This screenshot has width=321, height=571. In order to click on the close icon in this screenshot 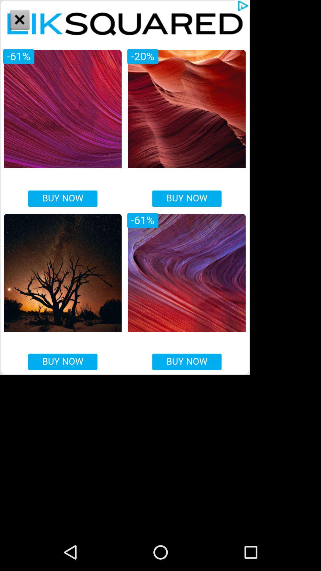, I will do `click(19, 21)`.